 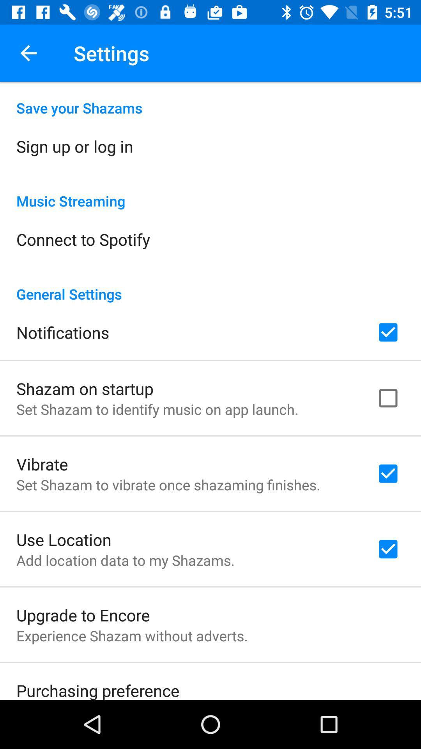 What do you see at coordinates (63, 539) in the screenshot?
I see `the use location` at bounding box center [63, 539].